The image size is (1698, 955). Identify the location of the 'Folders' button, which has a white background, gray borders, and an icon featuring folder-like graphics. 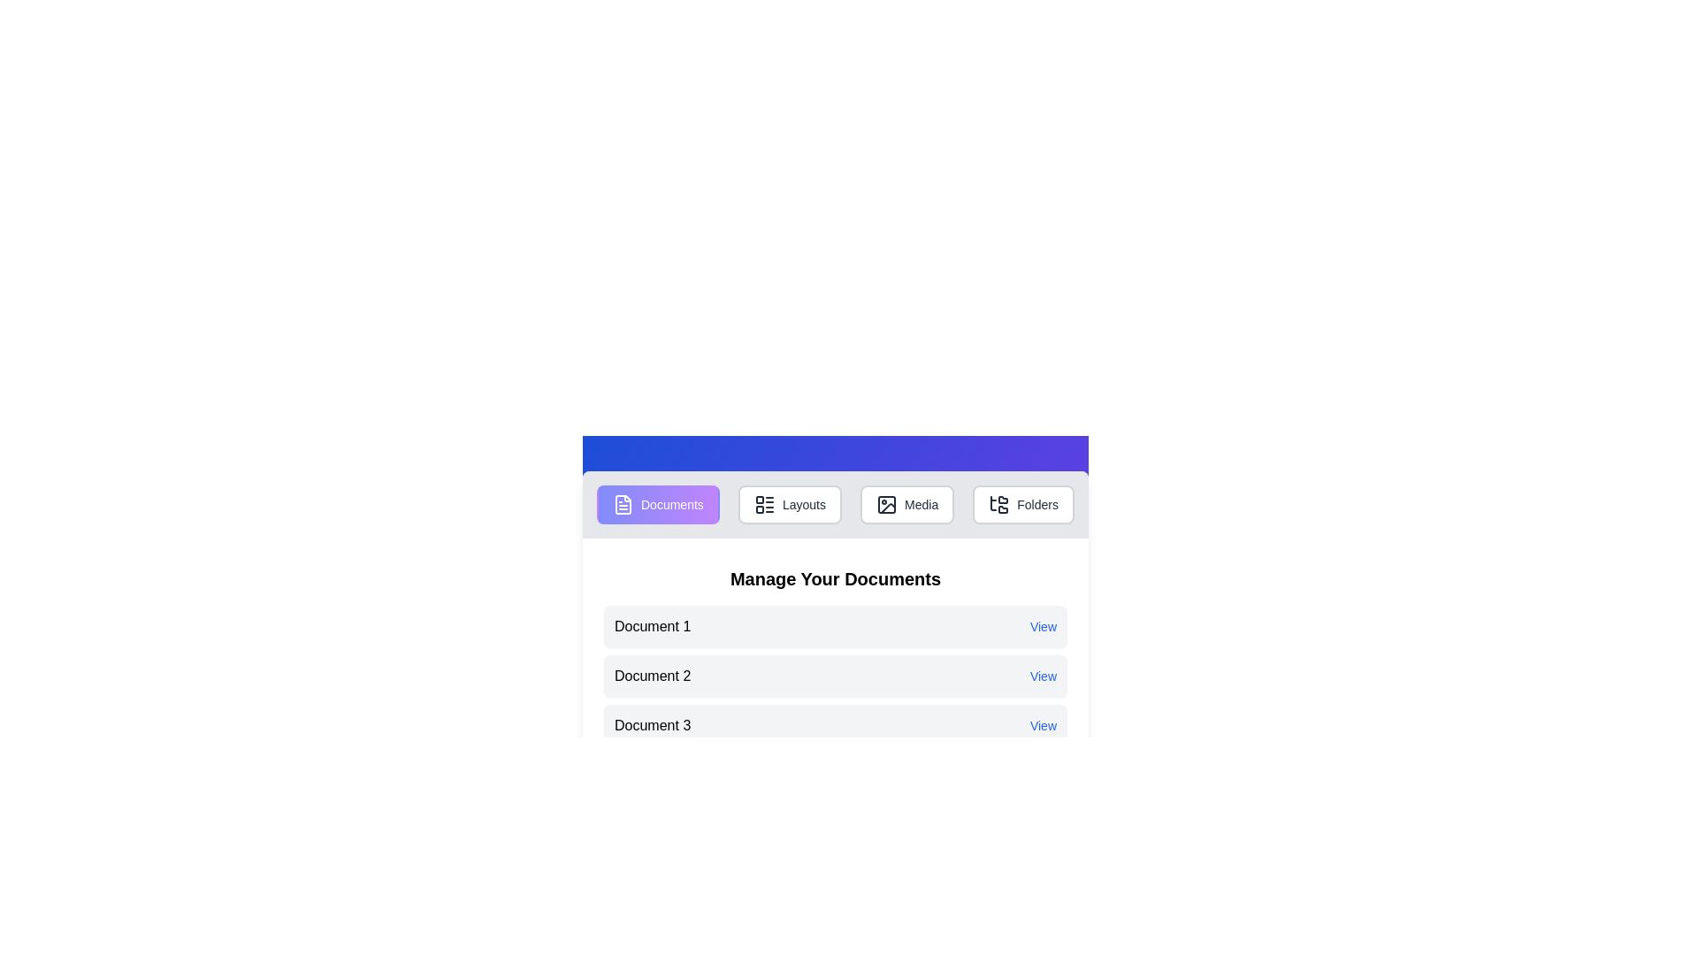
(1023, 504).